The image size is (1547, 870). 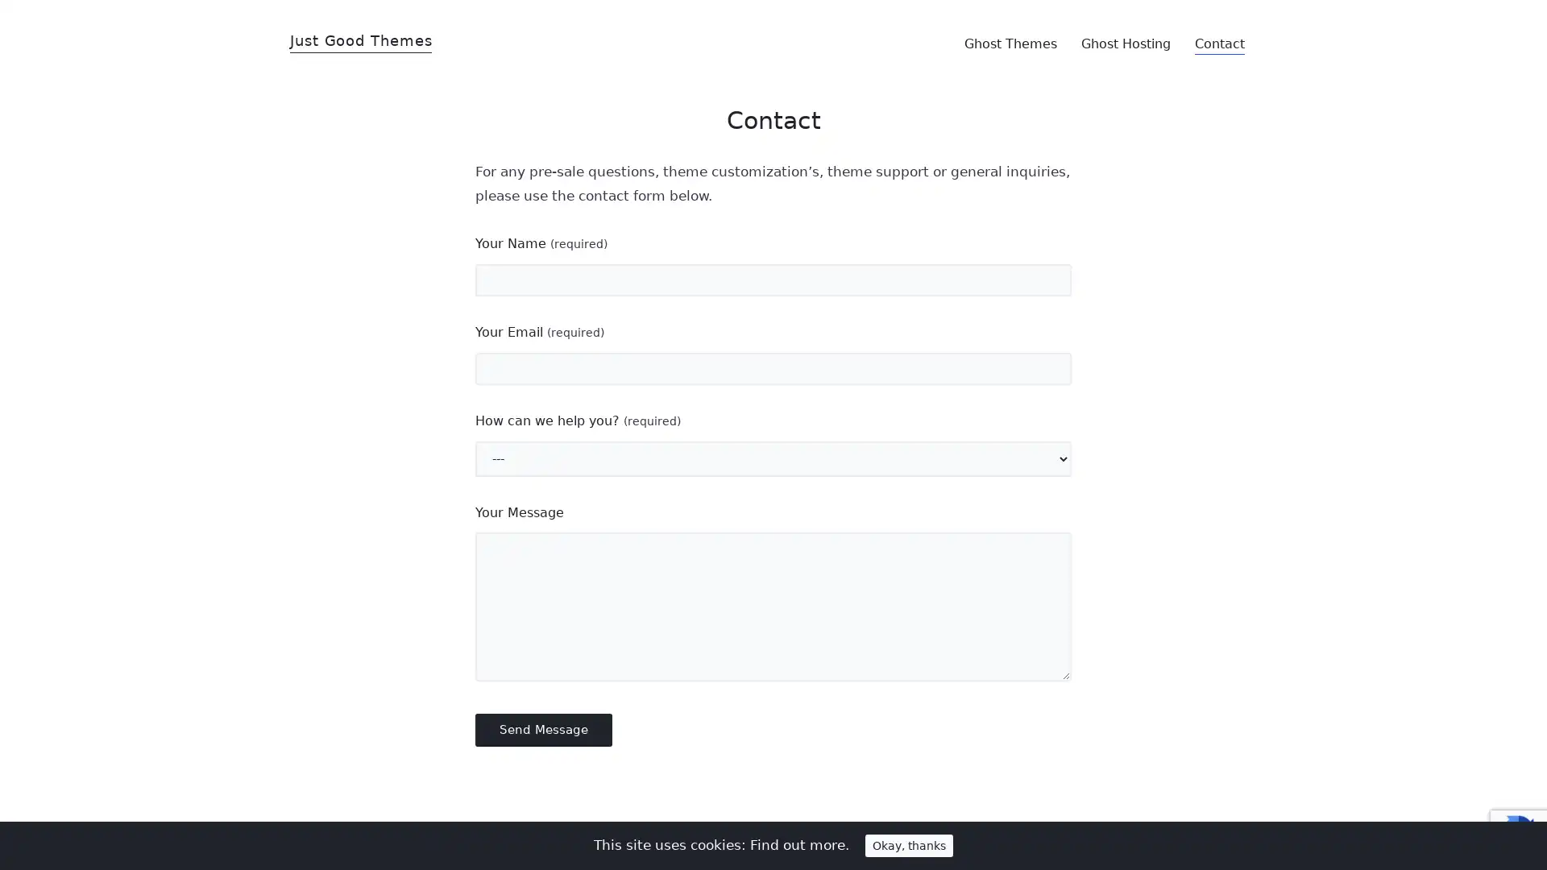 I want to click on Okay, thanks, so click(x=909, y=844).